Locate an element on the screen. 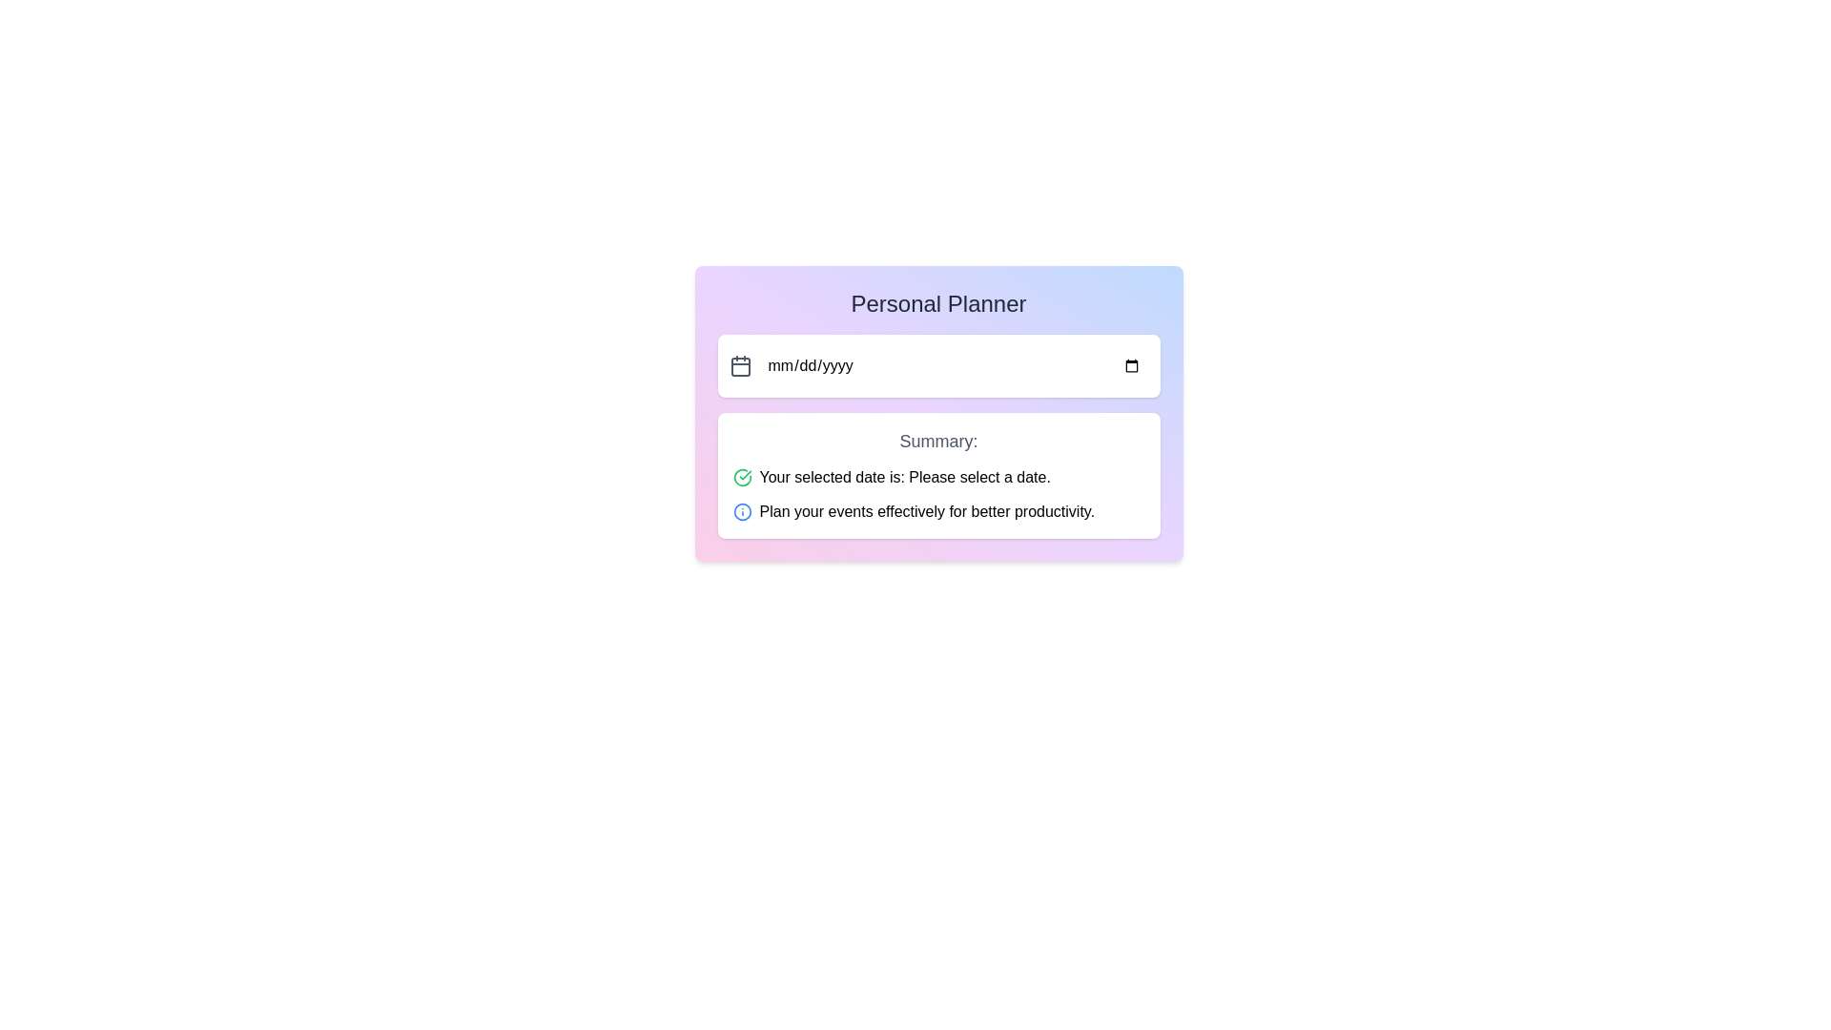 This screenshot has height=1030, width=1831. the light gray rounded rectangle within the calendar icon, located to the left of the date input field is located at coordinates (739, 367).